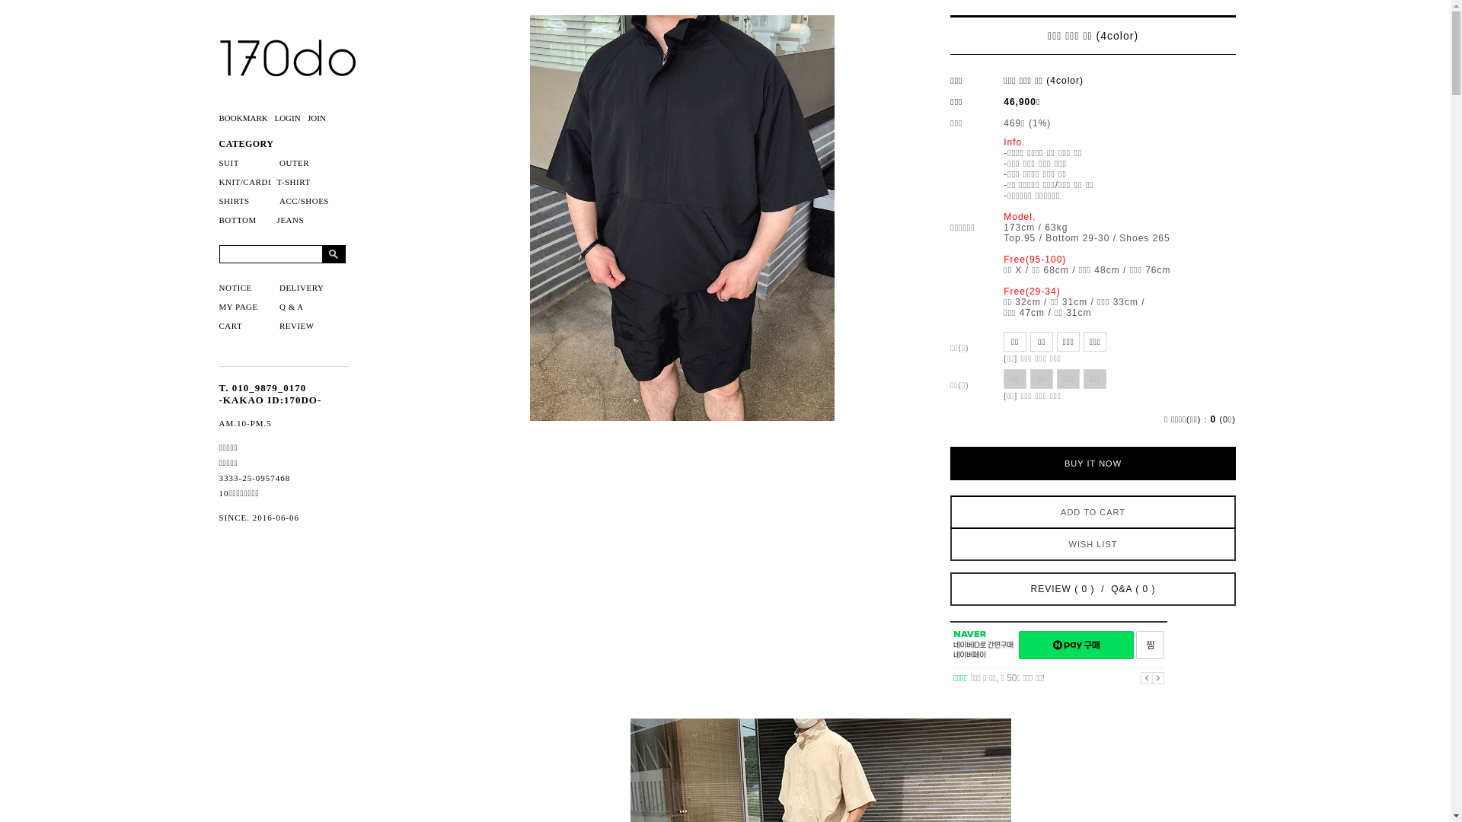 This screenshot has width=1462, height=822. I want to click on 'ACC/SHOES', so click(304, 199).